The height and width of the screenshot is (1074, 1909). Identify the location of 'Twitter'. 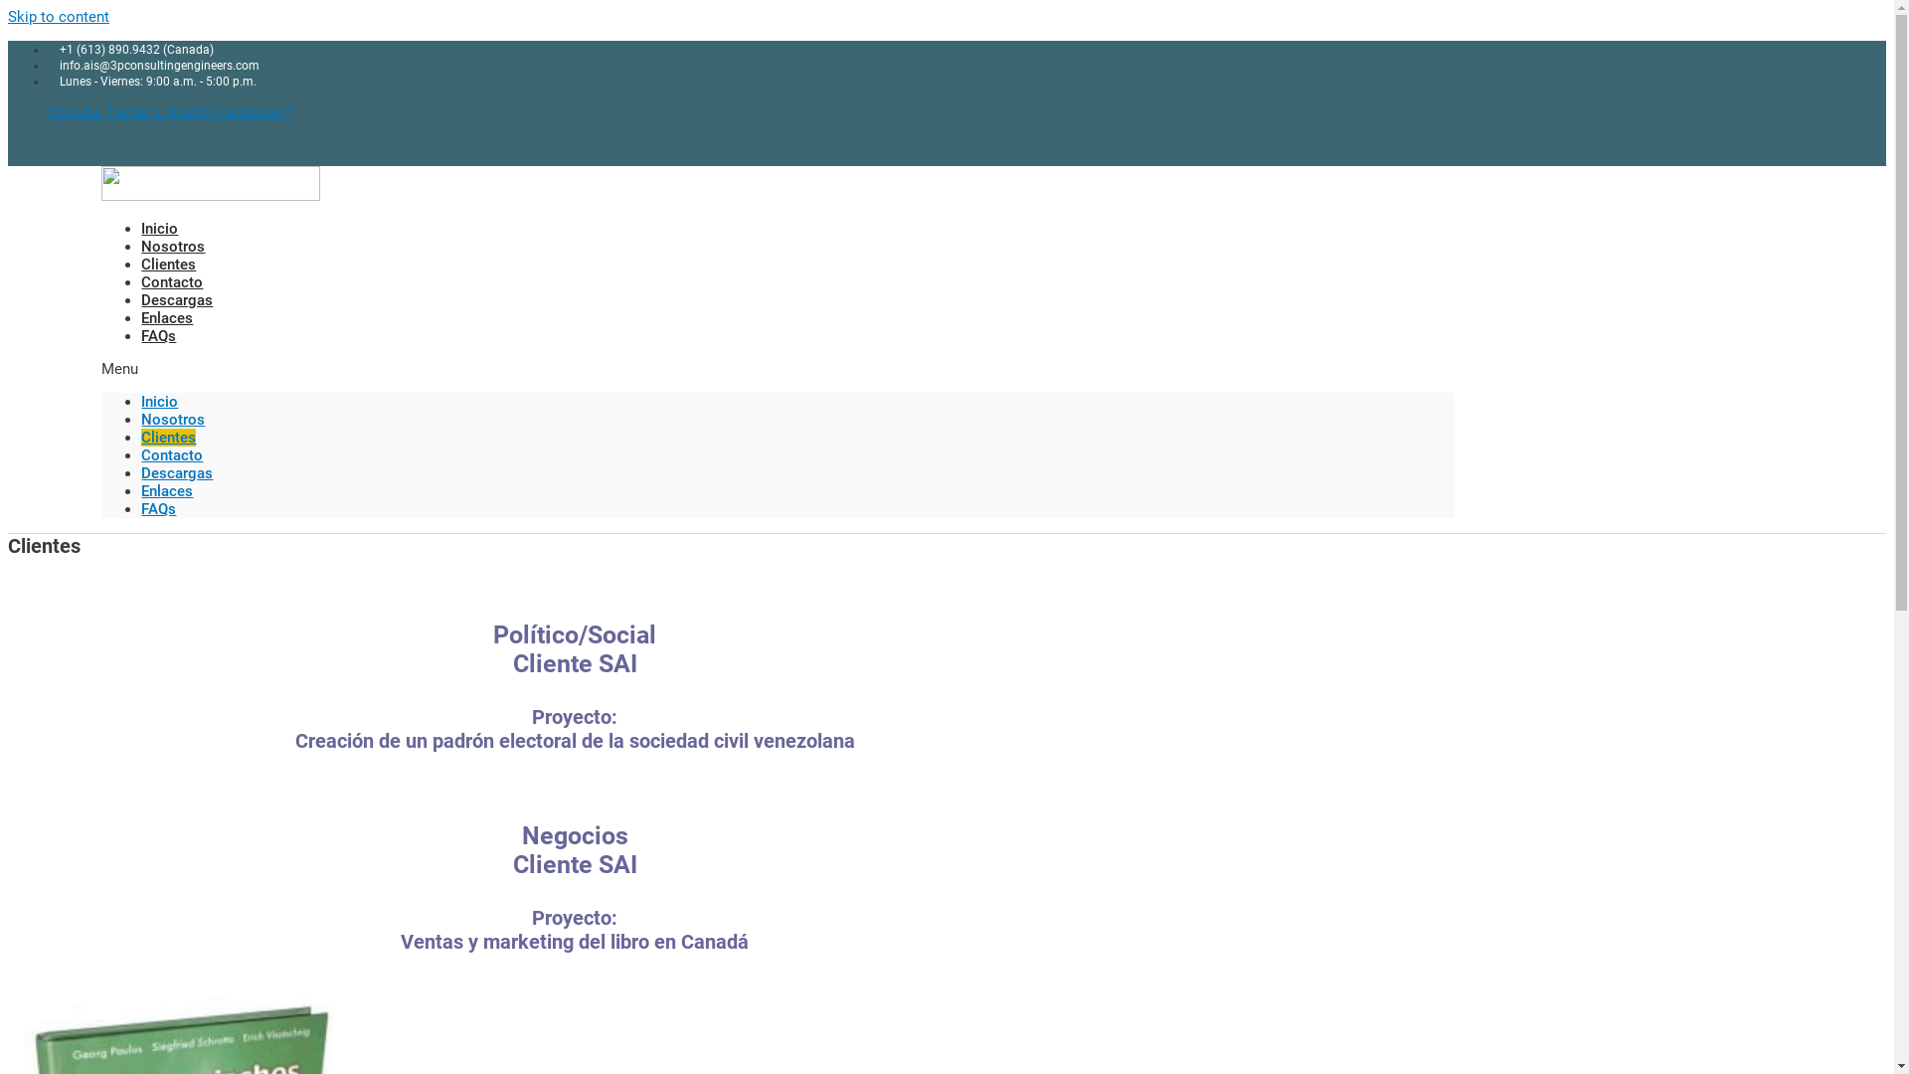
(129, 111).